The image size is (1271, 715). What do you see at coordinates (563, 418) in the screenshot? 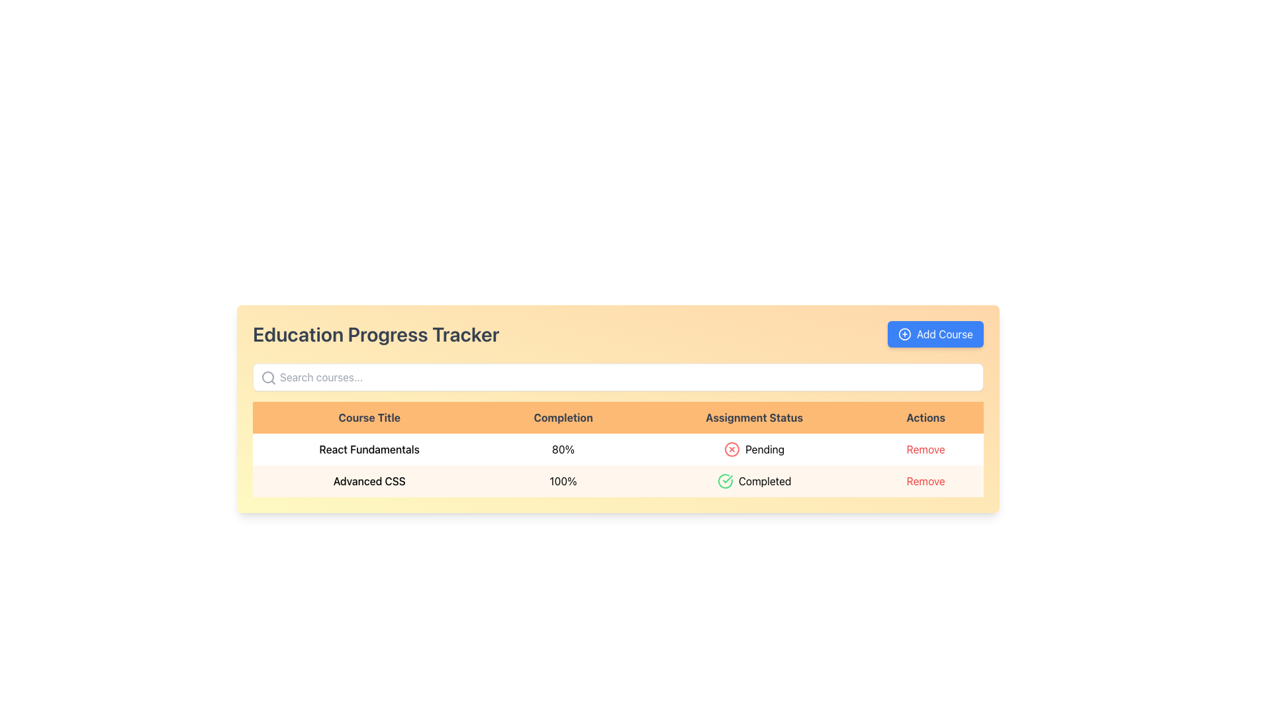
I see `the text label that reads 'Completion', which is the second column header in the table structure, styled with a bold font and a light orange background` at bounding box center [563, 418].